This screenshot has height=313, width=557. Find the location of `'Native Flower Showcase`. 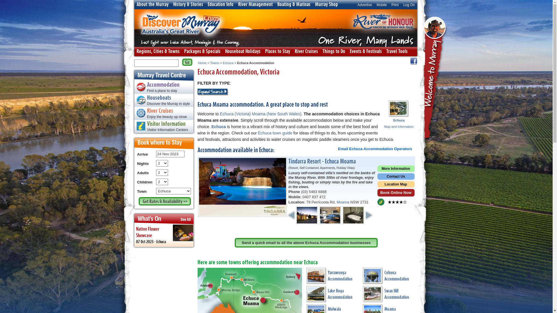

'Native Flower Showcase is located at coordinates (133, 236).